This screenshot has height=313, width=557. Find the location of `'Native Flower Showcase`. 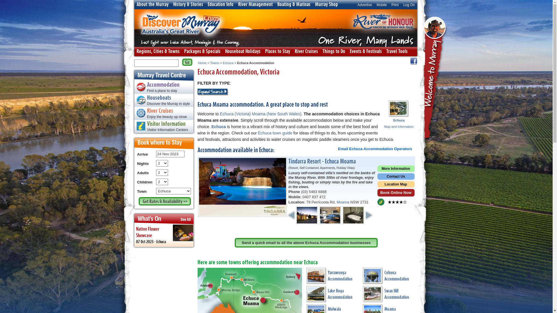

'Native Flower Showcase is located at coordinates (133, 236).